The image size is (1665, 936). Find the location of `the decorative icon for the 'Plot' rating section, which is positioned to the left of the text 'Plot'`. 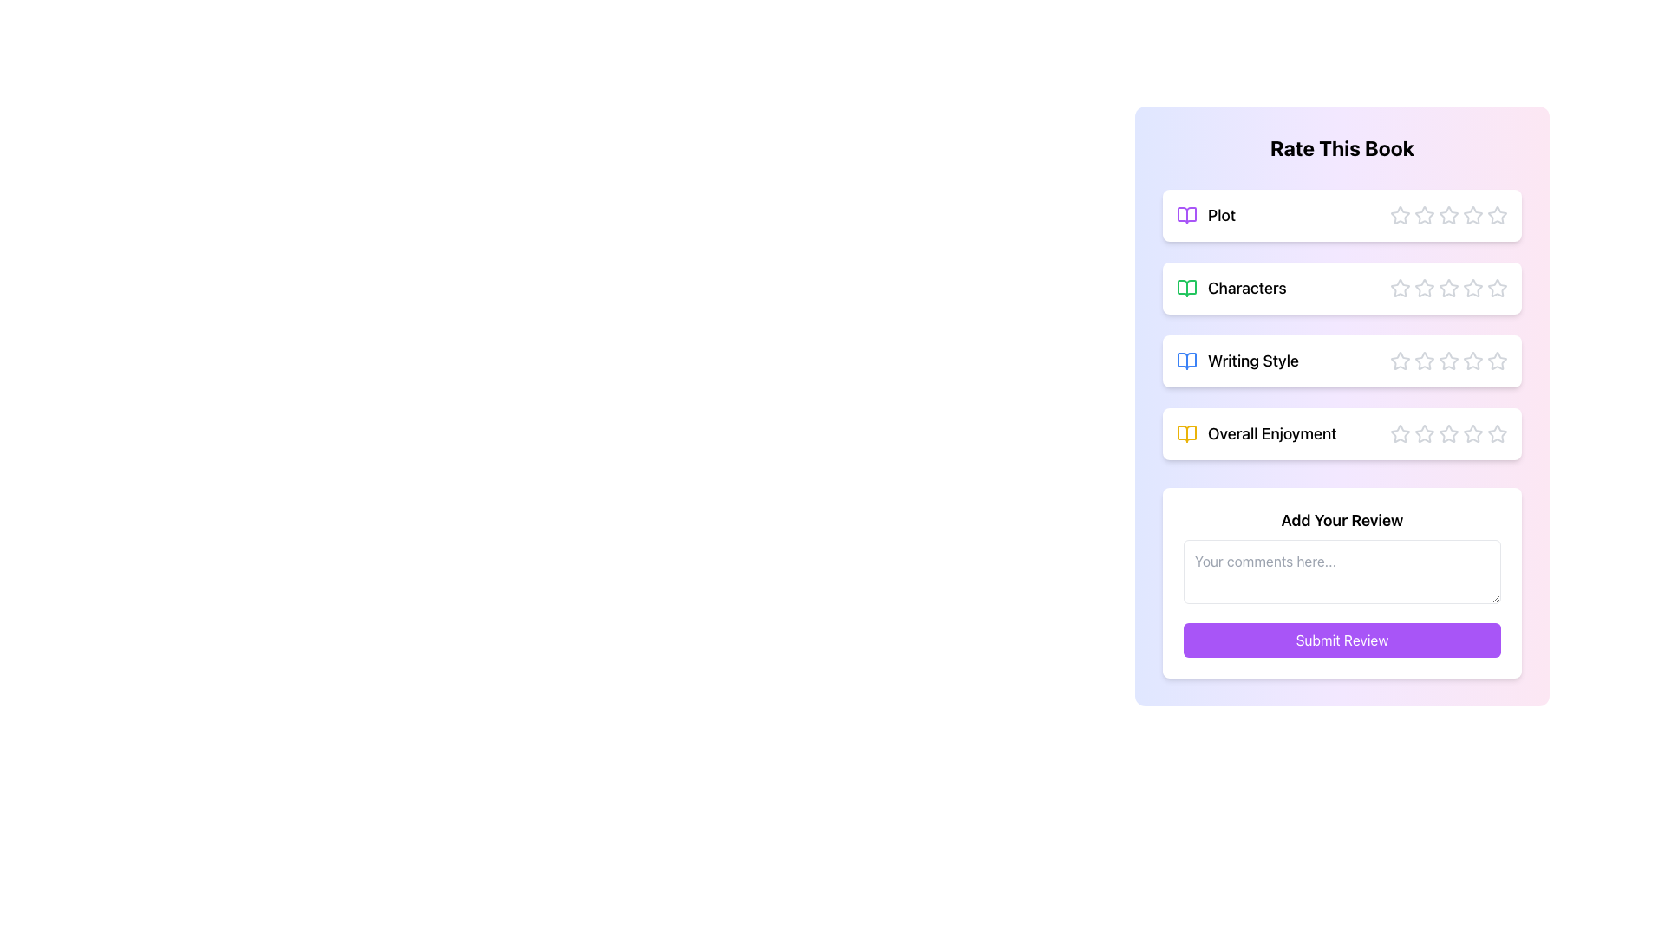

the decorative icon for the 'Plot' rating section, which is positioned to the left of the text 'Plot' is located at coordinates (1185, 215).